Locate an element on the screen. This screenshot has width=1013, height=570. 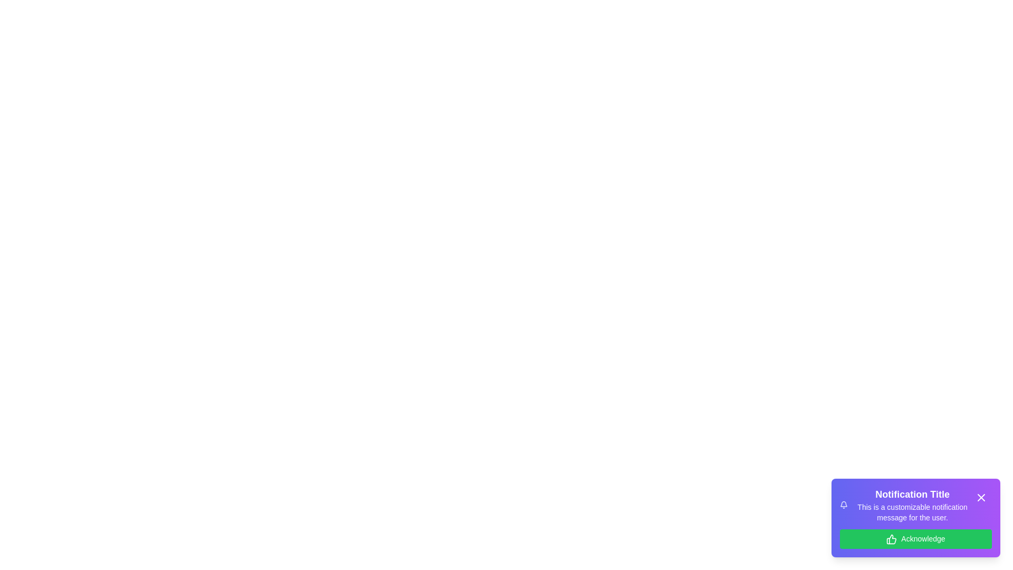
close button to dismiss the snackbar is located at coordinates (981, 497).